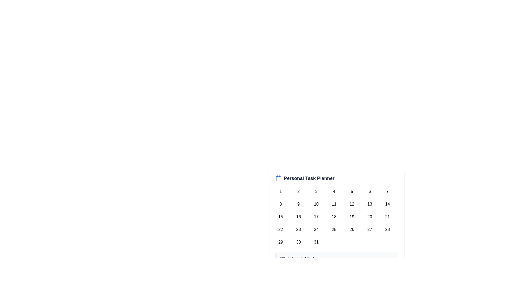 This screenshot has width=507, height=285. I want to click on the circular button displaying the text '27', so click(369, 229).